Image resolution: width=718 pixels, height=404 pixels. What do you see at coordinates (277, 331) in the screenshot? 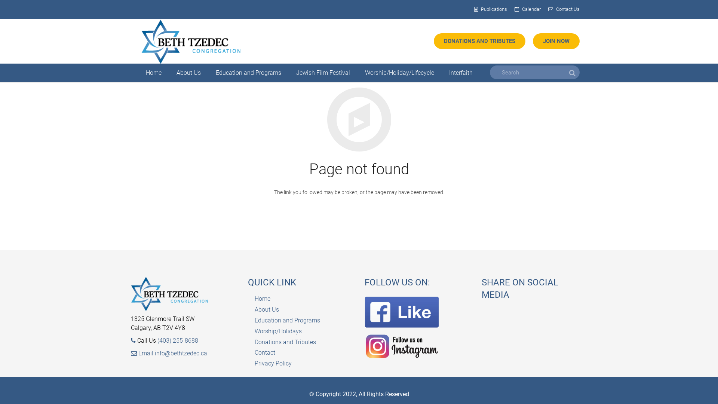
I see `'Worship/Holidays'` at bounding box center [277, 331].